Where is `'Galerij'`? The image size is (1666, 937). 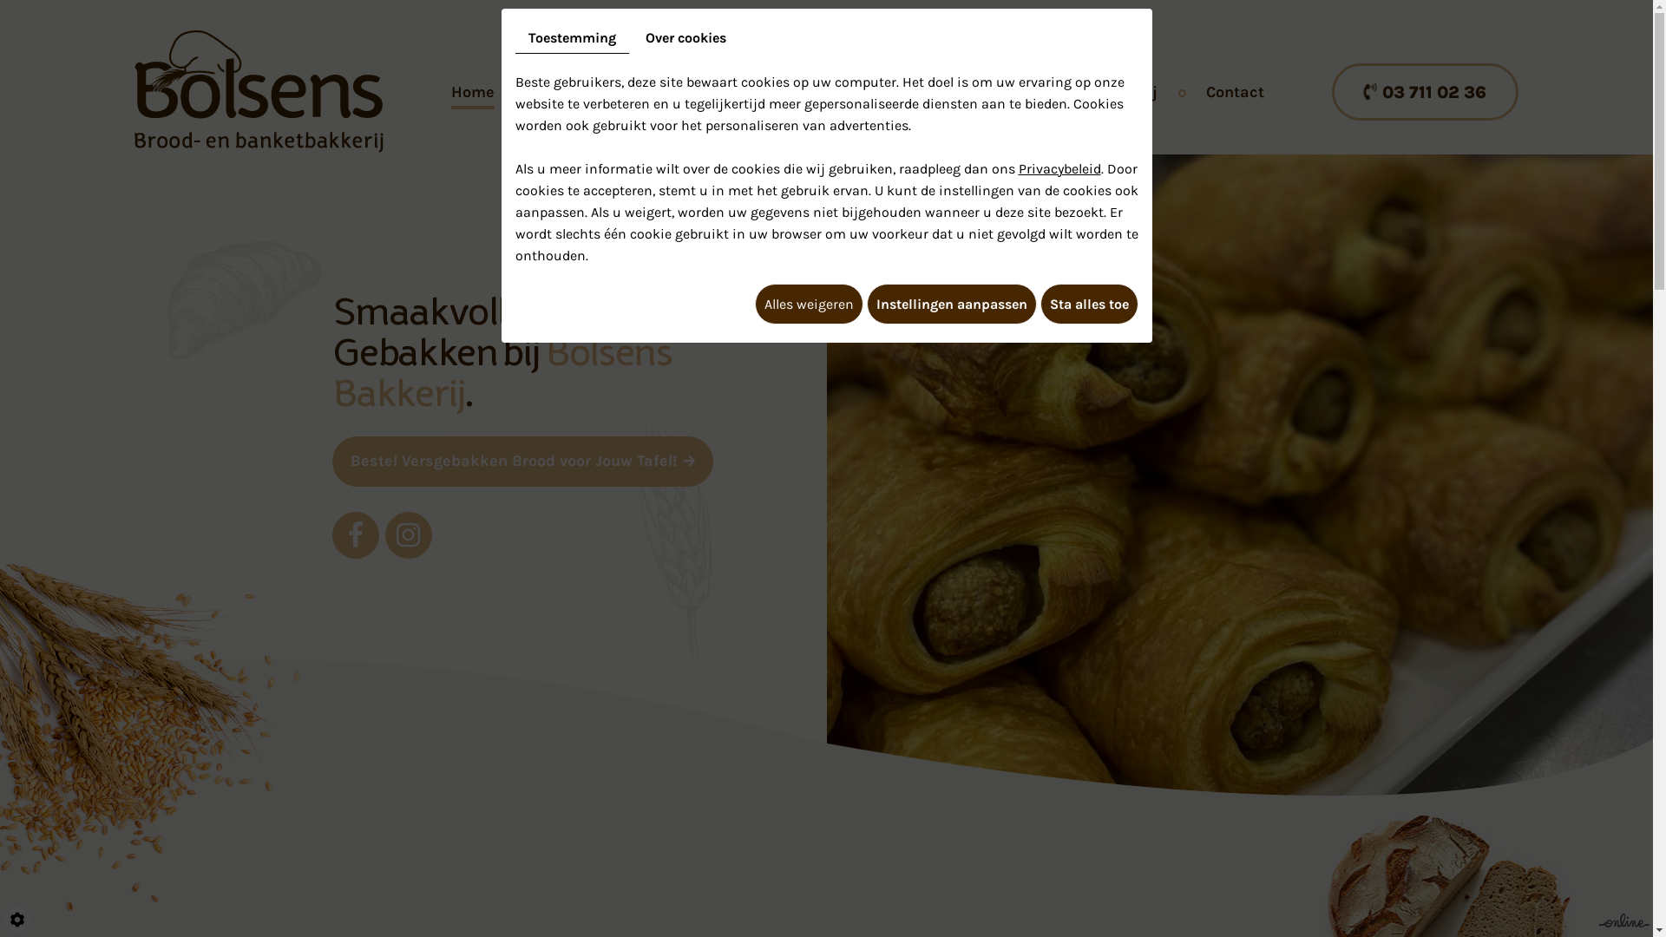 'Galerij' is located at coordinates (1099, 91).